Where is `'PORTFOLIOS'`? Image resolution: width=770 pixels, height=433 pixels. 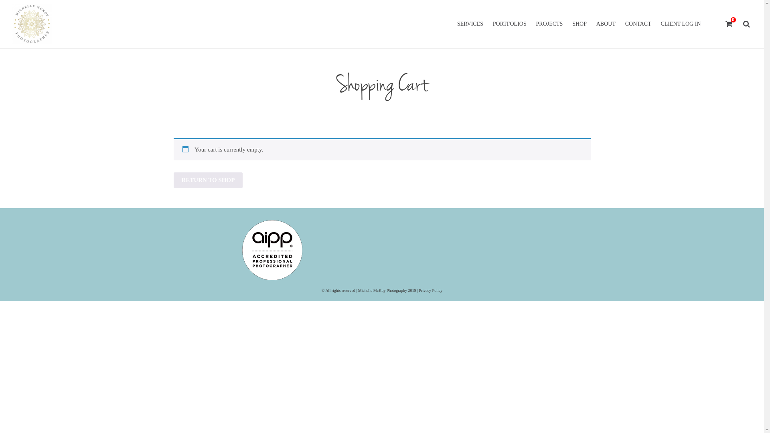 'PORTFOLIOS' is located at coordinates (488, 24).